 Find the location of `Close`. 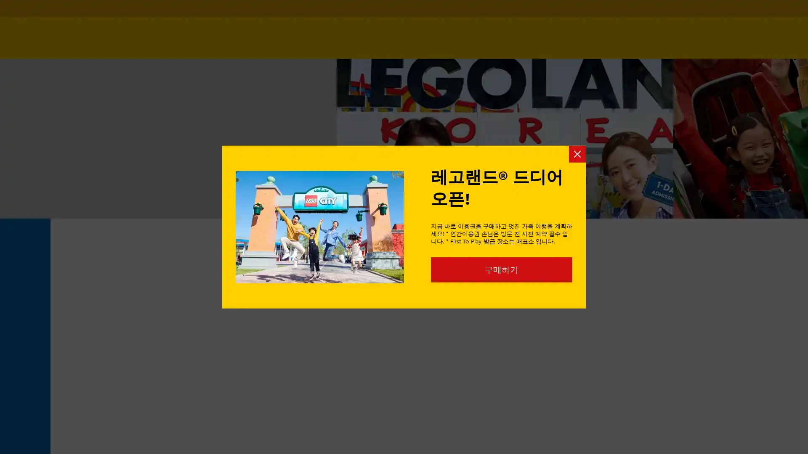

Close is located at coordinates (577, 154).